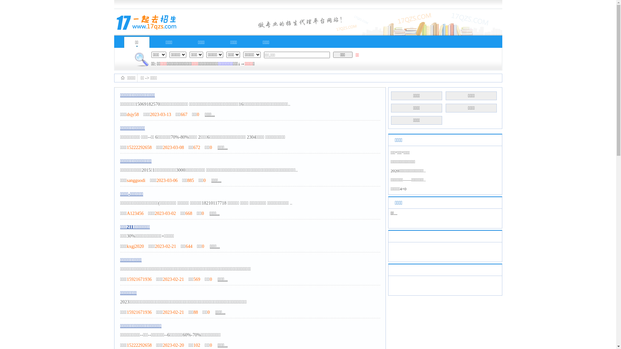 This screenshot has width=621, height=349. What do you see at coordinates (132, 114) in the screenshot?
I see `'dsjy58'` at bounding box center [132, 114].